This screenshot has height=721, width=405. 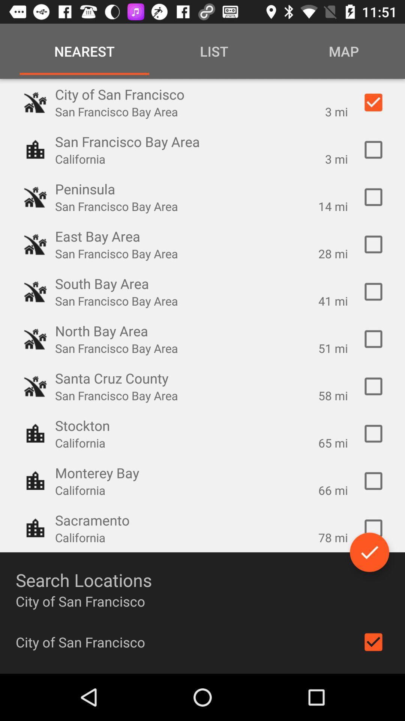 What do you see at coordinates (373, 386) in the screenshot?
I see `switch cruz option` at bounding box center [373, 386].